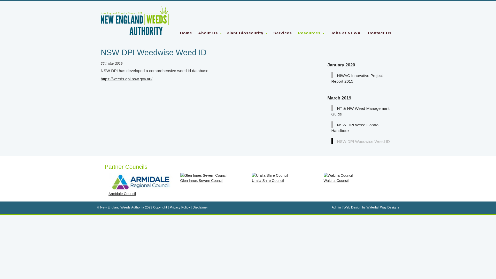  I want to click on 'Armidale Council', so click(140, 184).